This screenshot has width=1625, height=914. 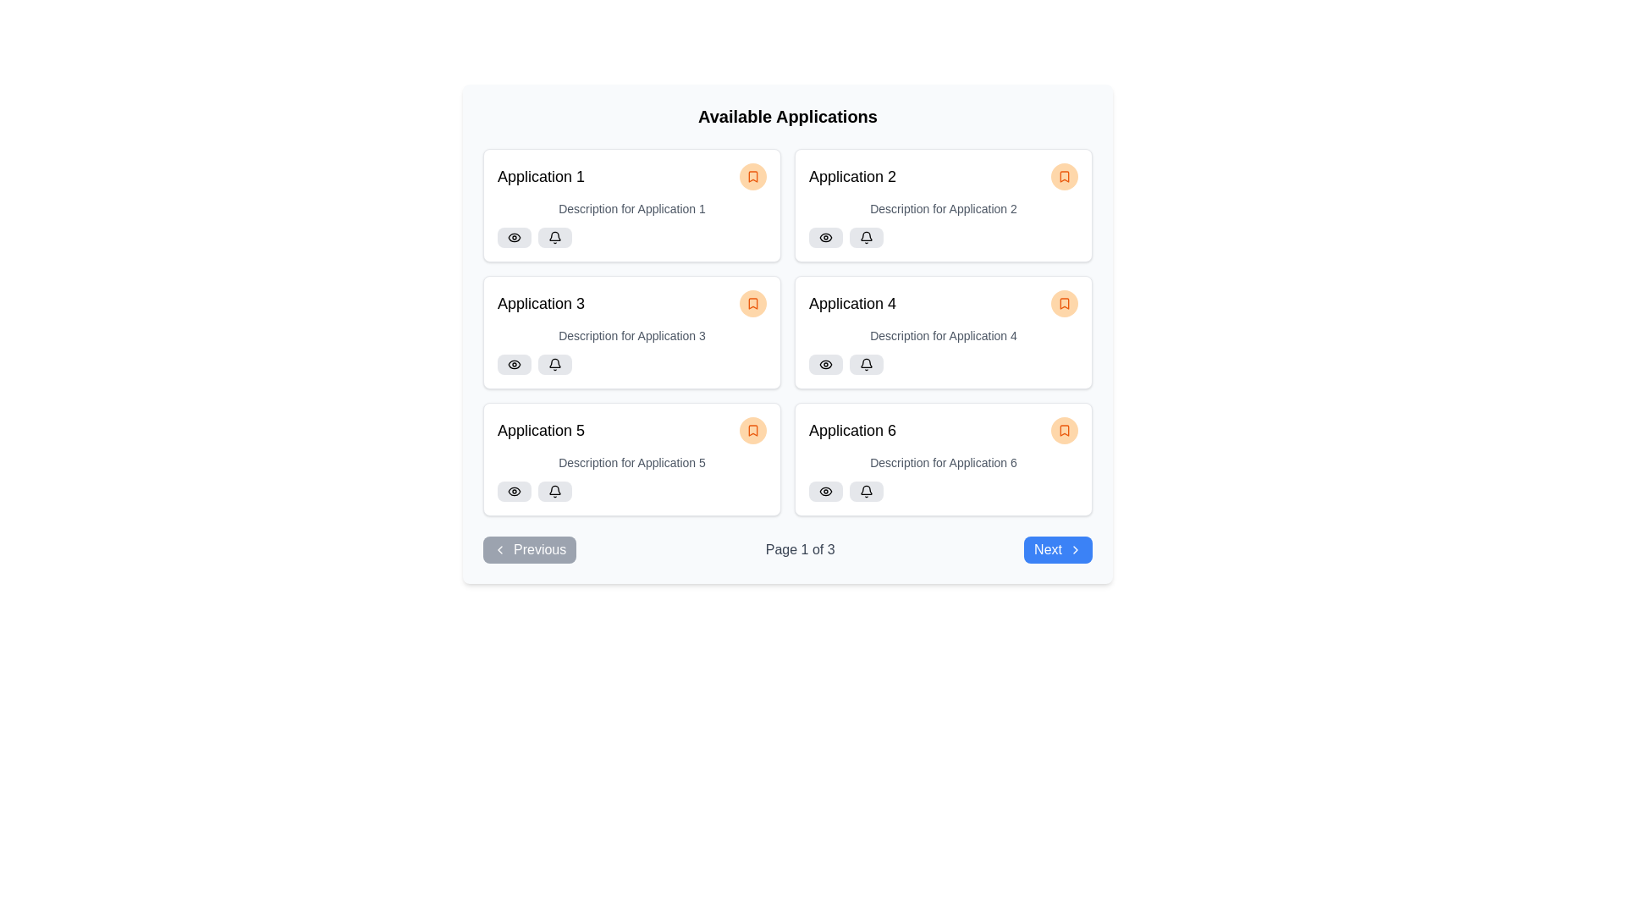 What do you see at coordinates (540, 430) in the screenshot?
I see `the text label 'Application 5' which is styled in a larger and bold font, located in the bottom-left card of a 2x3 grid layout` at bounding box center [540, 430].